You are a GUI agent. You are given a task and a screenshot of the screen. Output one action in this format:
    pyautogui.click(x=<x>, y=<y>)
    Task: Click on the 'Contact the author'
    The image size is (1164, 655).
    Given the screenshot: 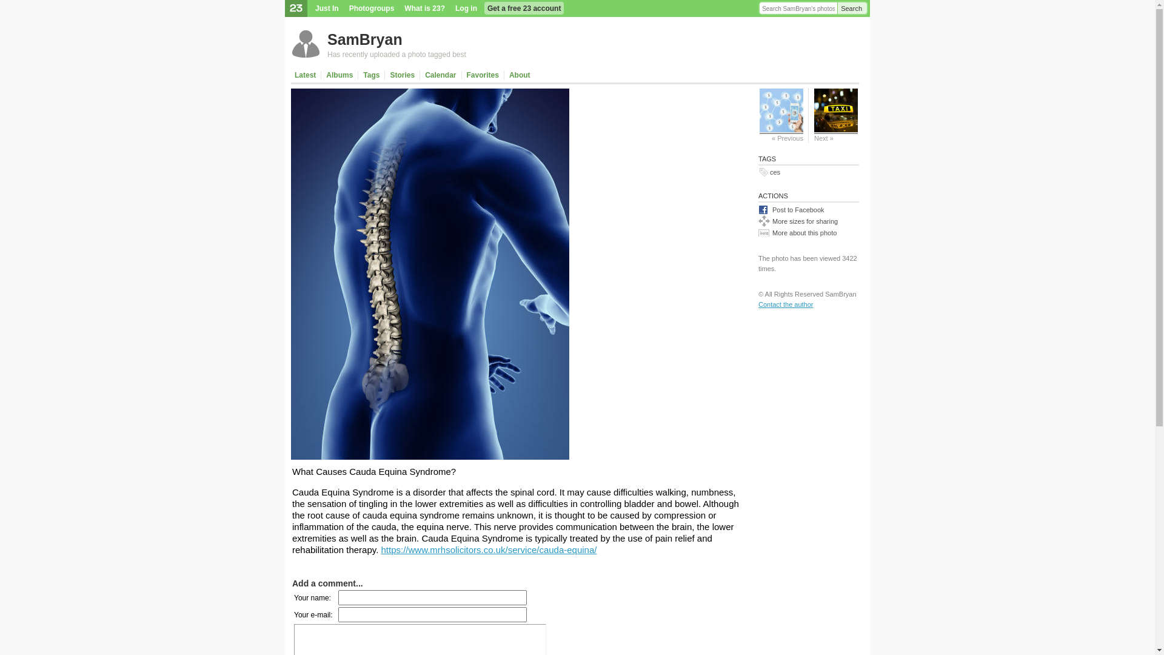 What is the action you would take?
    pyautogui.click(x=786, y=303)
    